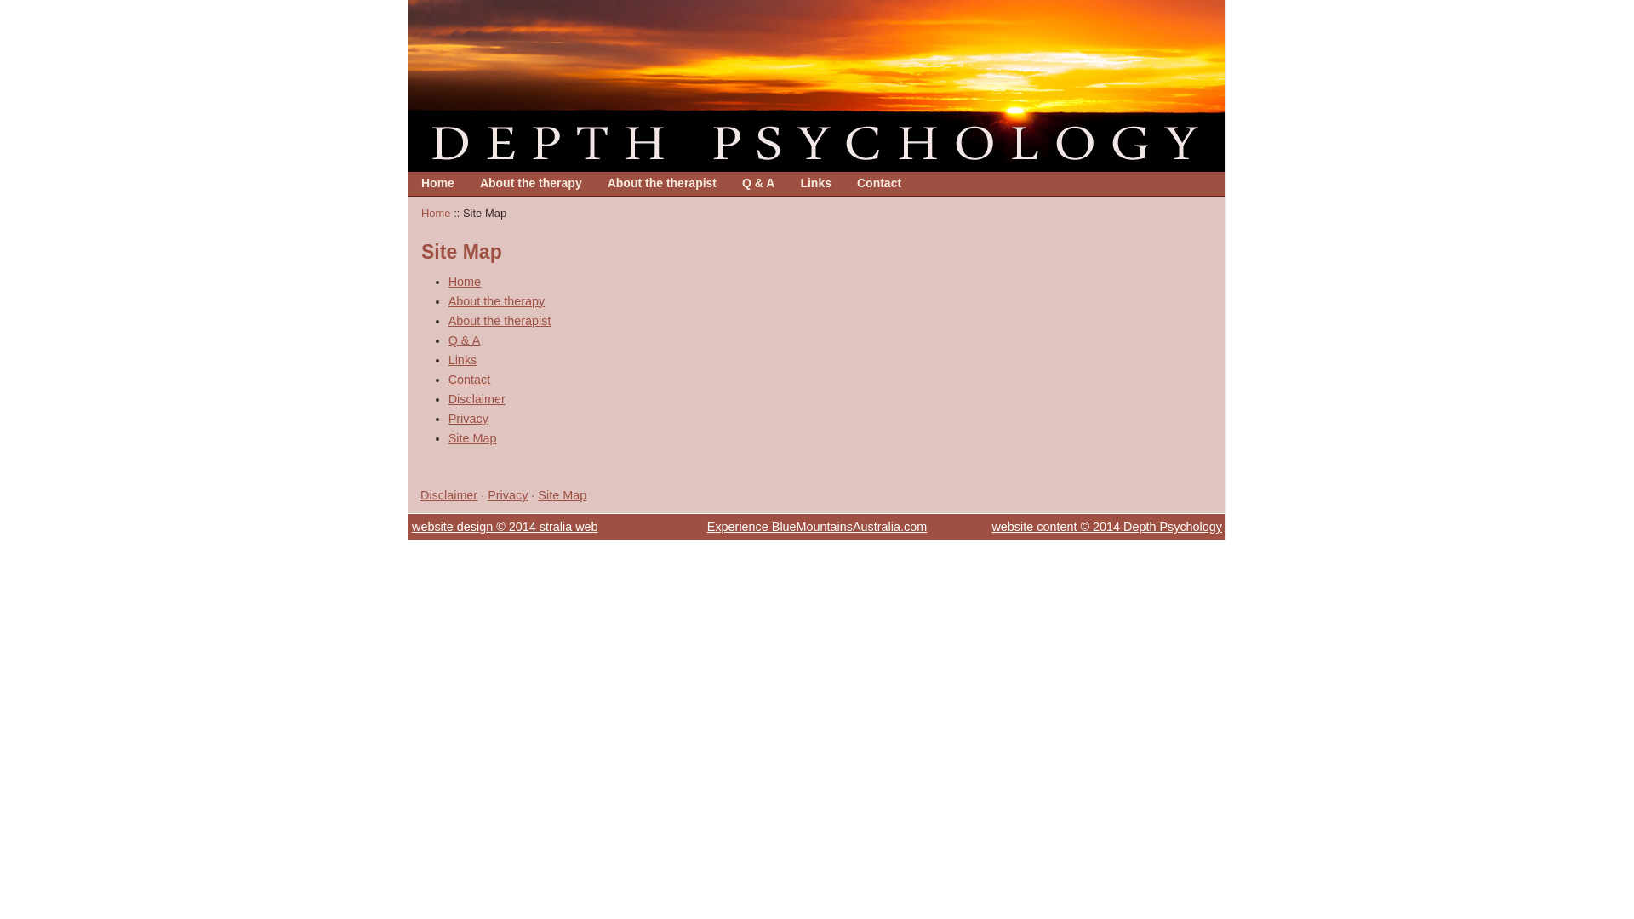 The width and height of the screenshot is (1634, 919). Describe the element at coordinates (477, 399) in the screenshot. I see `'Disclaimer'` at that location.